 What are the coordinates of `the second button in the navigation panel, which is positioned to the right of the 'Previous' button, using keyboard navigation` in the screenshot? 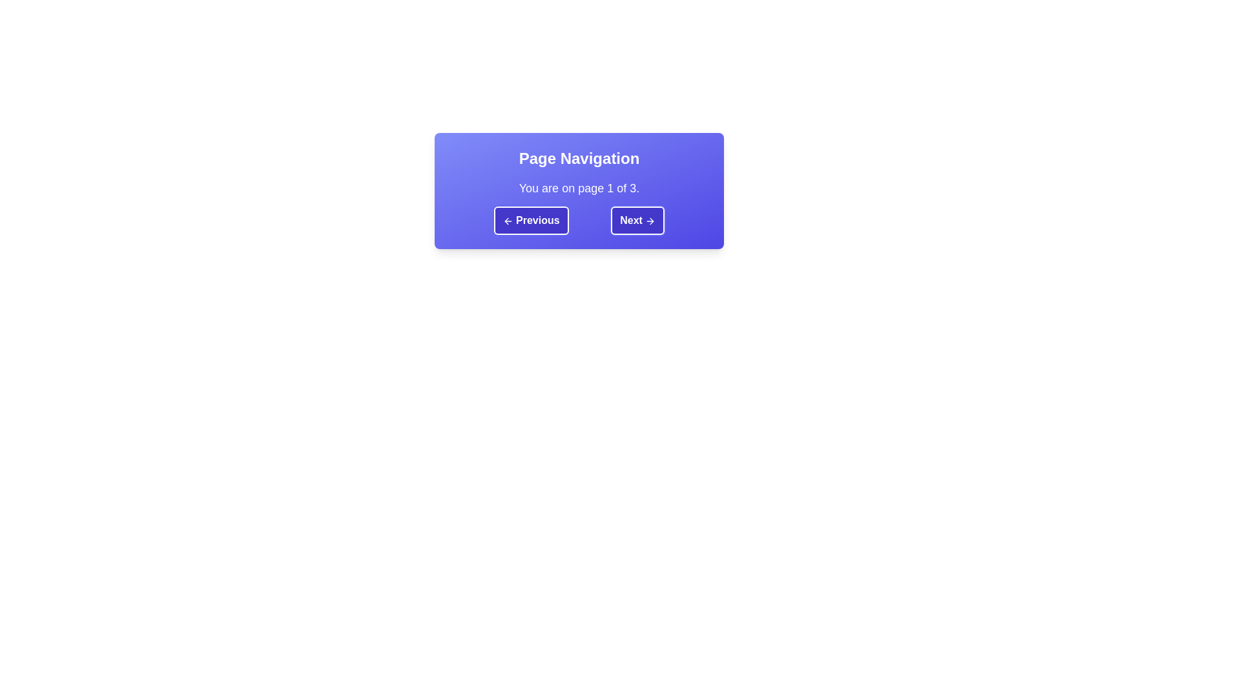 It's located at (637, 220).